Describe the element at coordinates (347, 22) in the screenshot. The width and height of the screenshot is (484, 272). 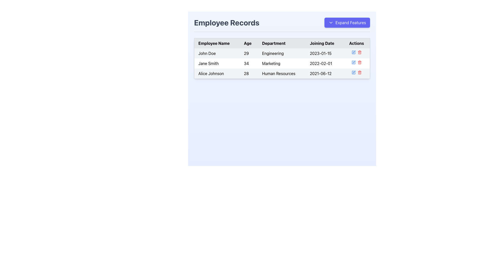
I see `the 'Expand Features' button with an indigo background and white text to observe visual feedback` at that location.